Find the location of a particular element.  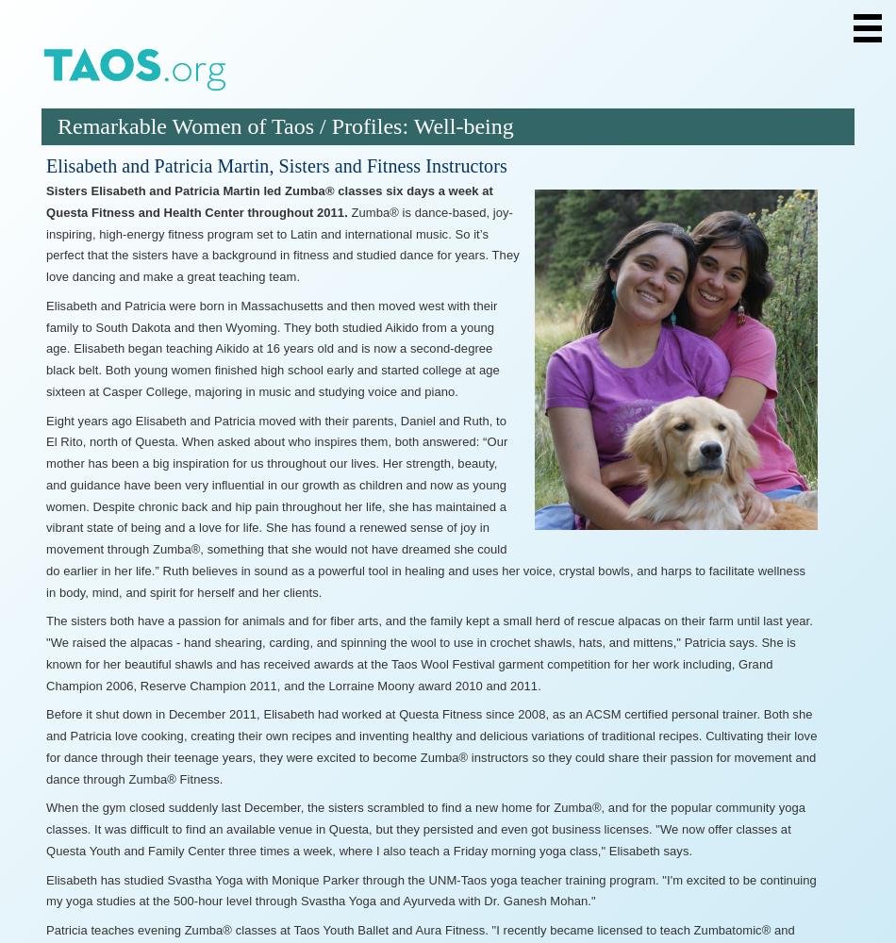

'Eight years ago Elisabeth and Patricia moved with their parents, Daniel and Ruth, to El Rito, north of Questa. When asked about who inspires them, both answered: “Our mother has been a big inspiration for us throughout our lives. Her strength, beauty, and guidance have been very influential in our growth as children and now as young women. Despite chronic back and hip pain throughout her life, she has maintained a vibrant state of being and a love for life. She has found a renewed sense of joy in movement through Zumba®, something that she would not have dreamed she could do earlier in her life.” Ruth believes in sound as a powerful tool in healing and uses her voice, crystal bowls, and harps to facilitate wellness in body, mind, and spirit for herself and her clients.' is located at coordinates (424, 505).